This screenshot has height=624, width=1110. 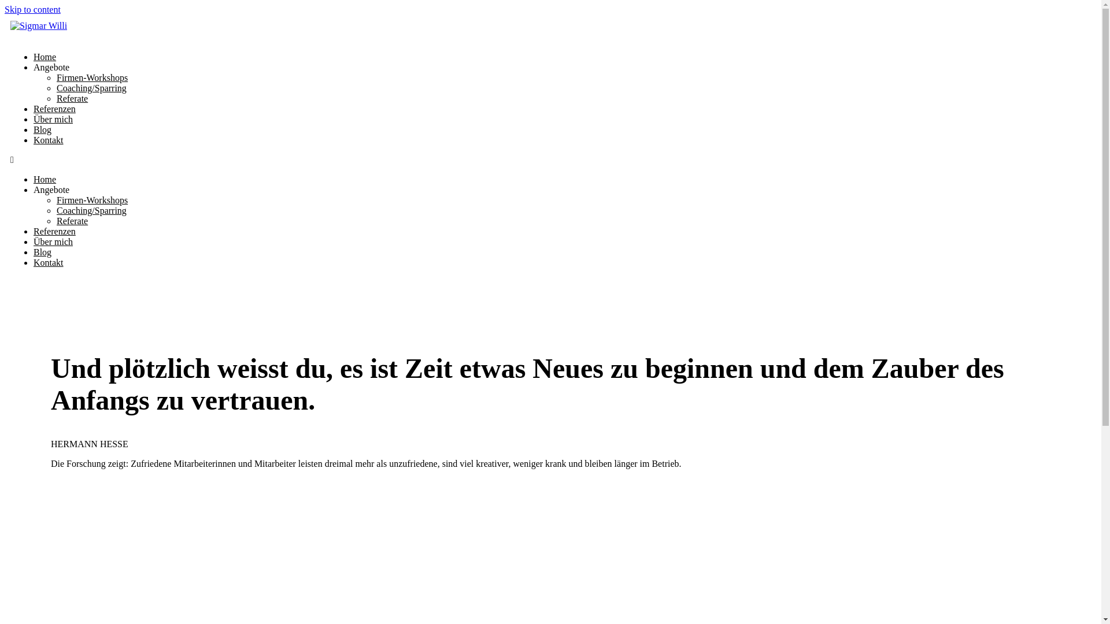 I want to click on 'Skip to content', so click(x=32, y=9).